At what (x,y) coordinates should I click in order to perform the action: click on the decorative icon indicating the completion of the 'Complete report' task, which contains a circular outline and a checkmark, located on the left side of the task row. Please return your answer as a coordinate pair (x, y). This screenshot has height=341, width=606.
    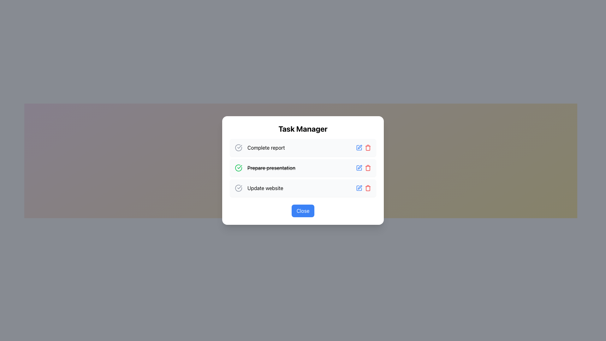
    Looking at the image, I should click on (238, 188).